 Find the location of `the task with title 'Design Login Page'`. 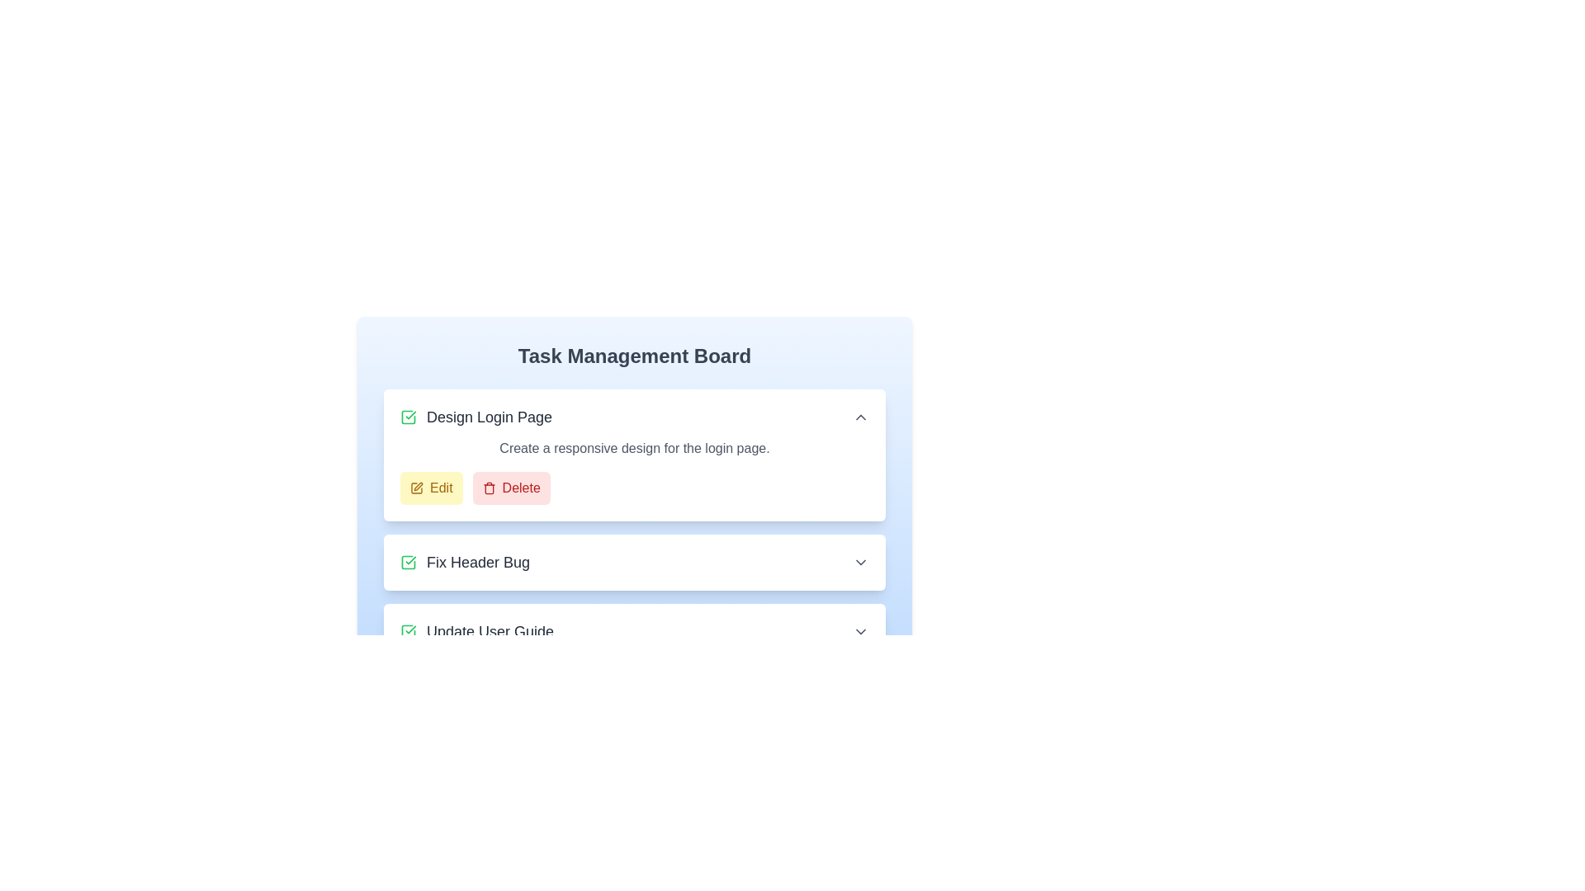

the task with title 'Design Login Page' is located at coordinates (475, 416).